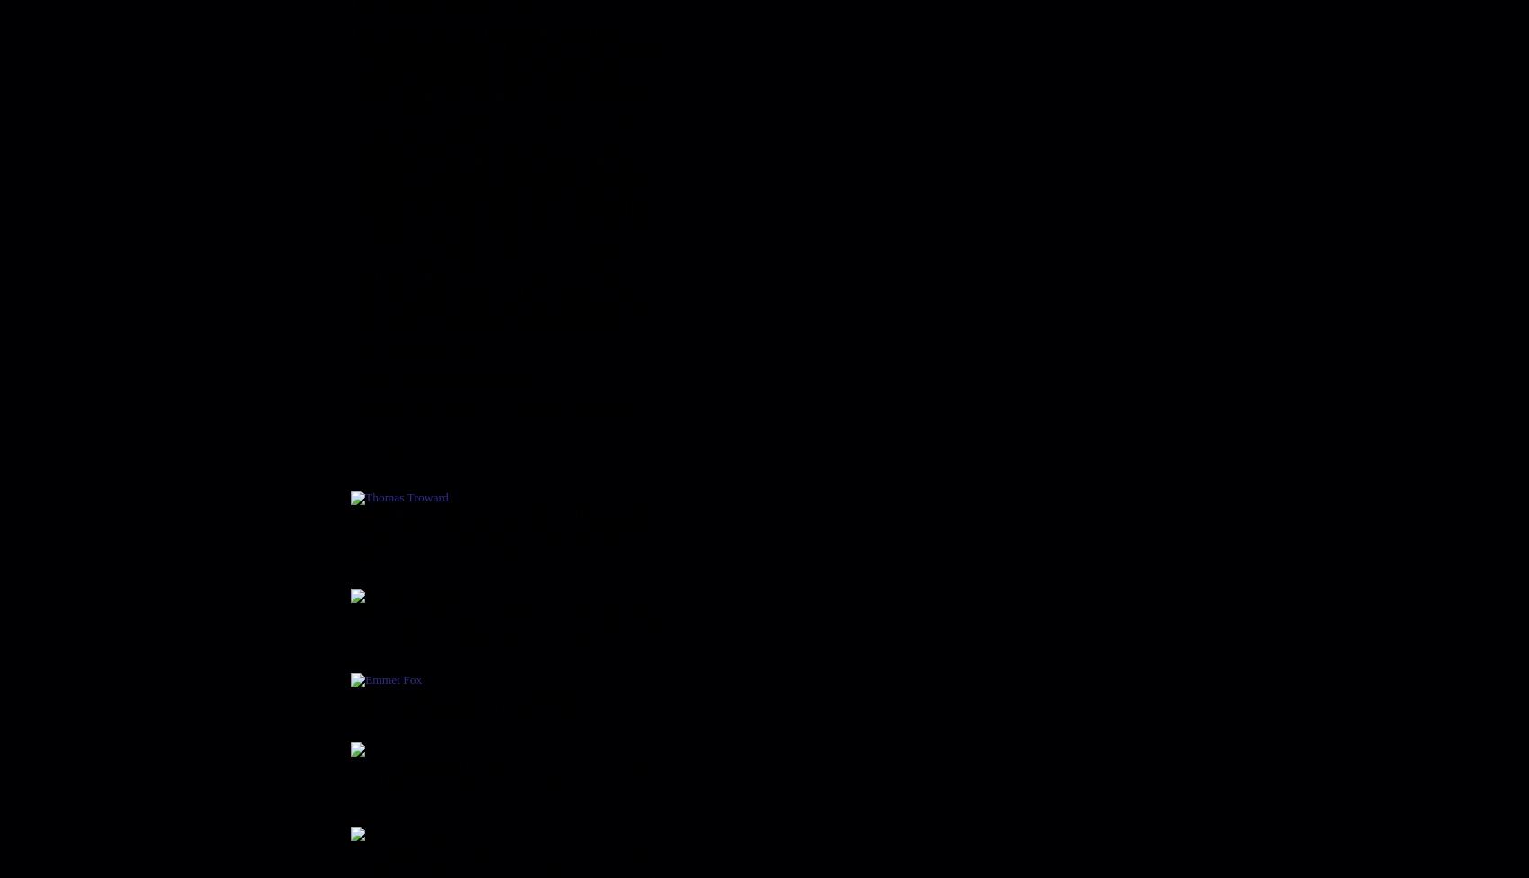 The height and width of the screenshot is (878, 1529). What do you see at coordinates (349, 88) in the screenshot?
I see `'Just the FAQ’s, Please'` at bounding box center [349, 88].